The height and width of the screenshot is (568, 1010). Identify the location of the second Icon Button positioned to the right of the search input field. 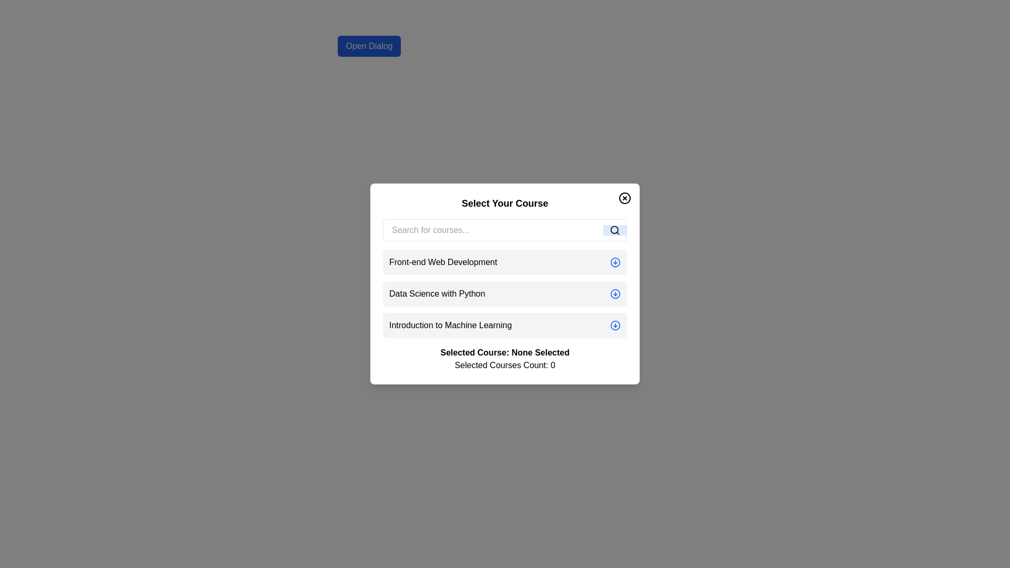
(615, 230).